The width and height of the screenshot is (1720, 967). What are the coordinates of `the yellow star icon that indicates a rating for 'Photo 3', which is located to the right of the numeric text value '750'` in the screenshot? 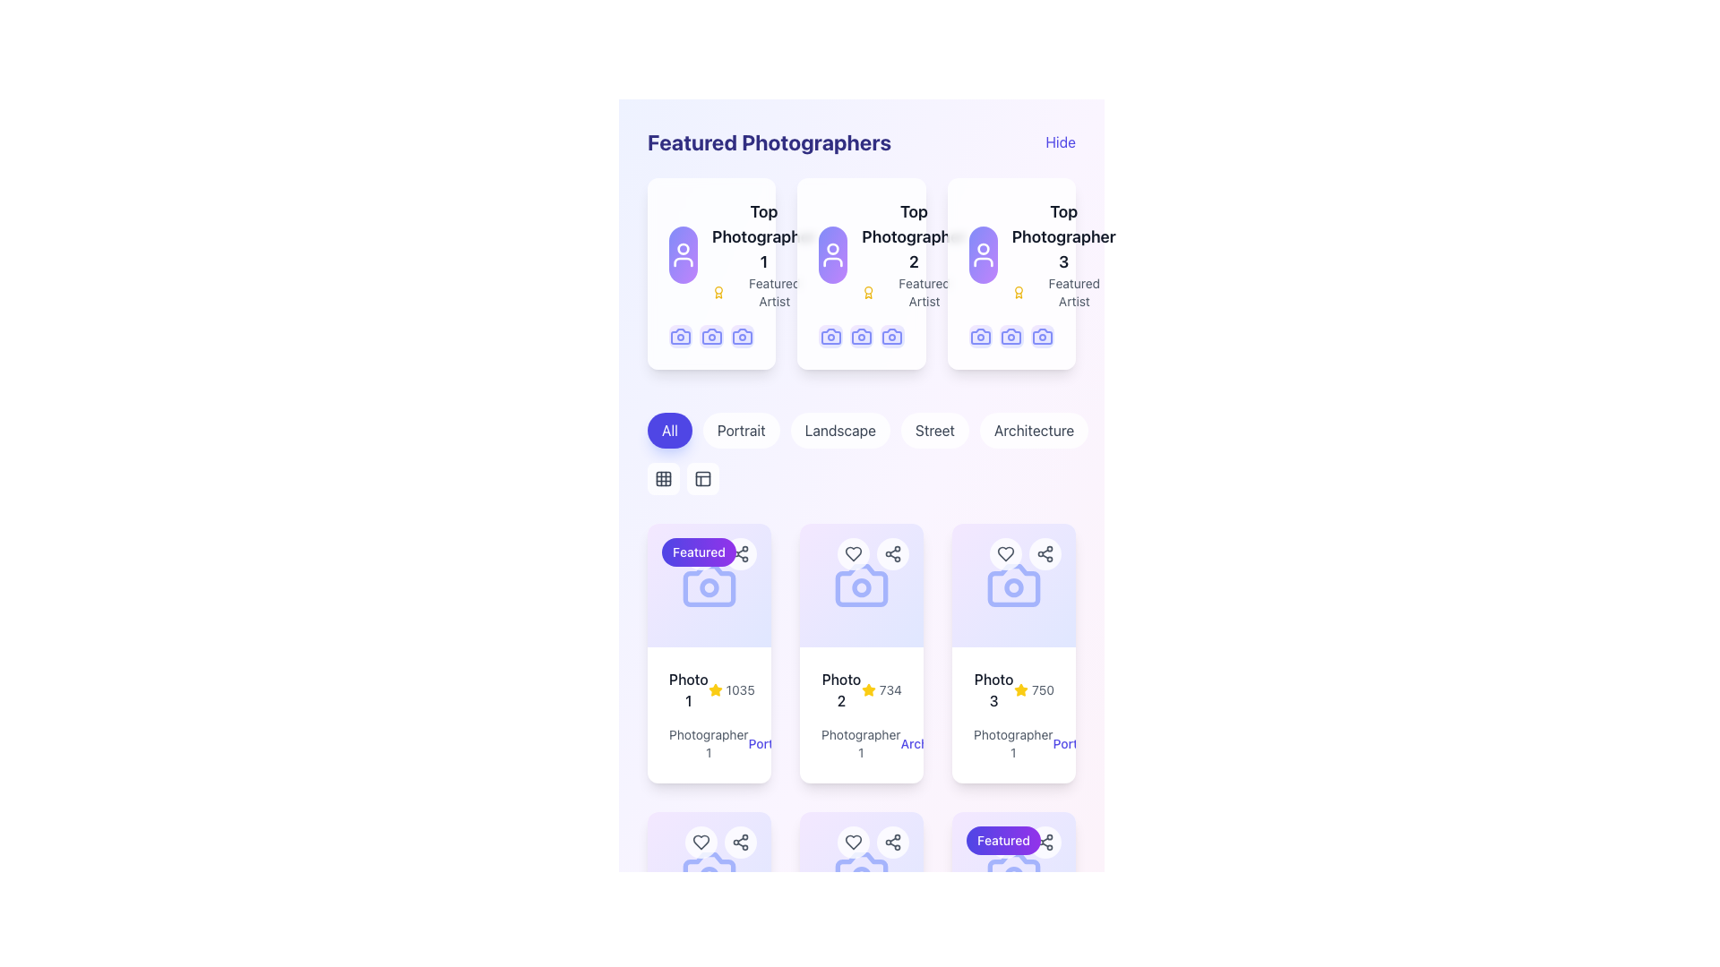 It's located at (1021, 689).